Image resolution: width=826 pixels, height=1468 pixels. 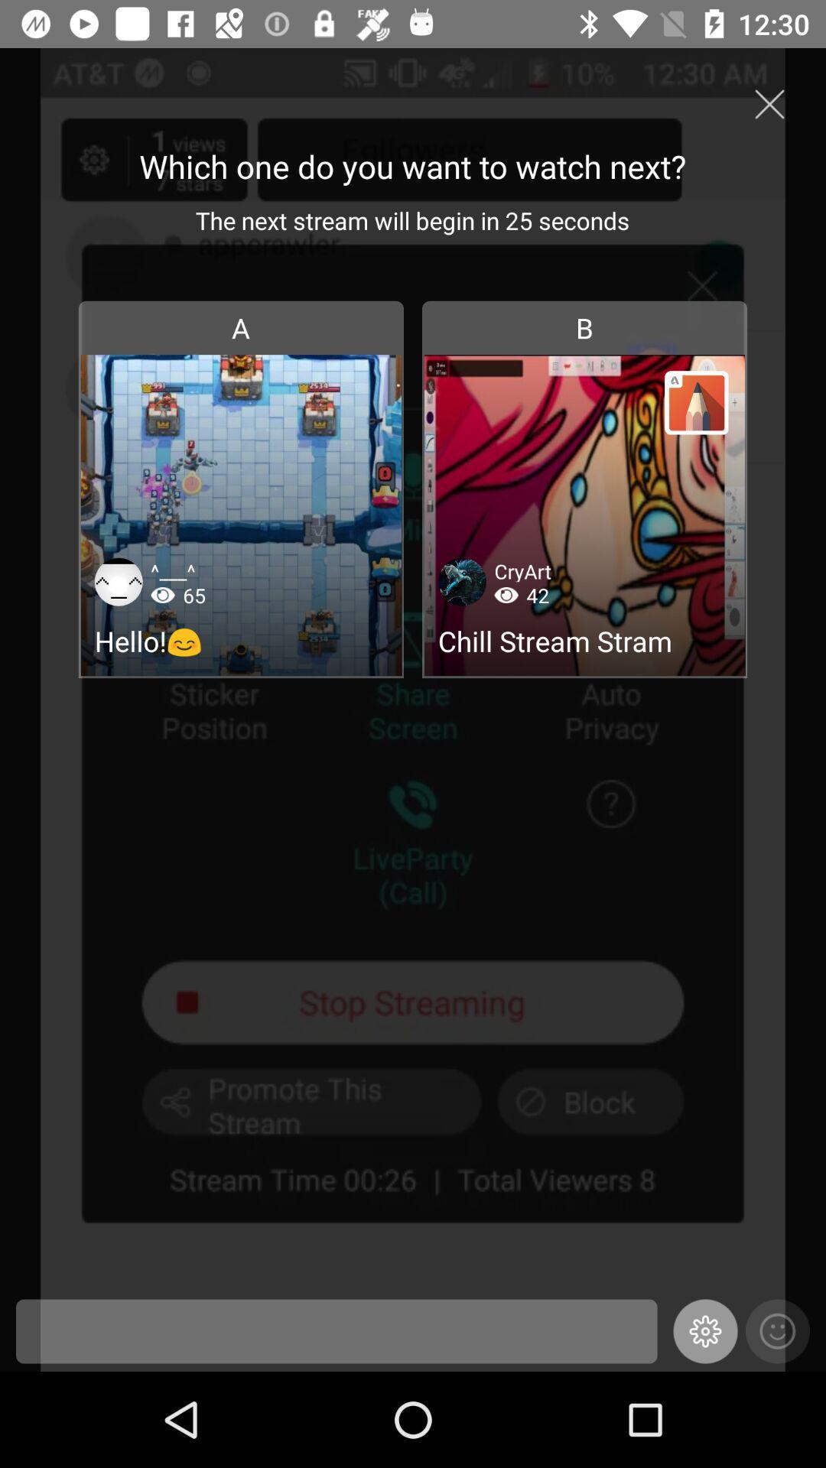 What do you see at coordinates (778, 1330) in the screenshot?
I see `the emoji icon` at bounding box center [778, 1330].